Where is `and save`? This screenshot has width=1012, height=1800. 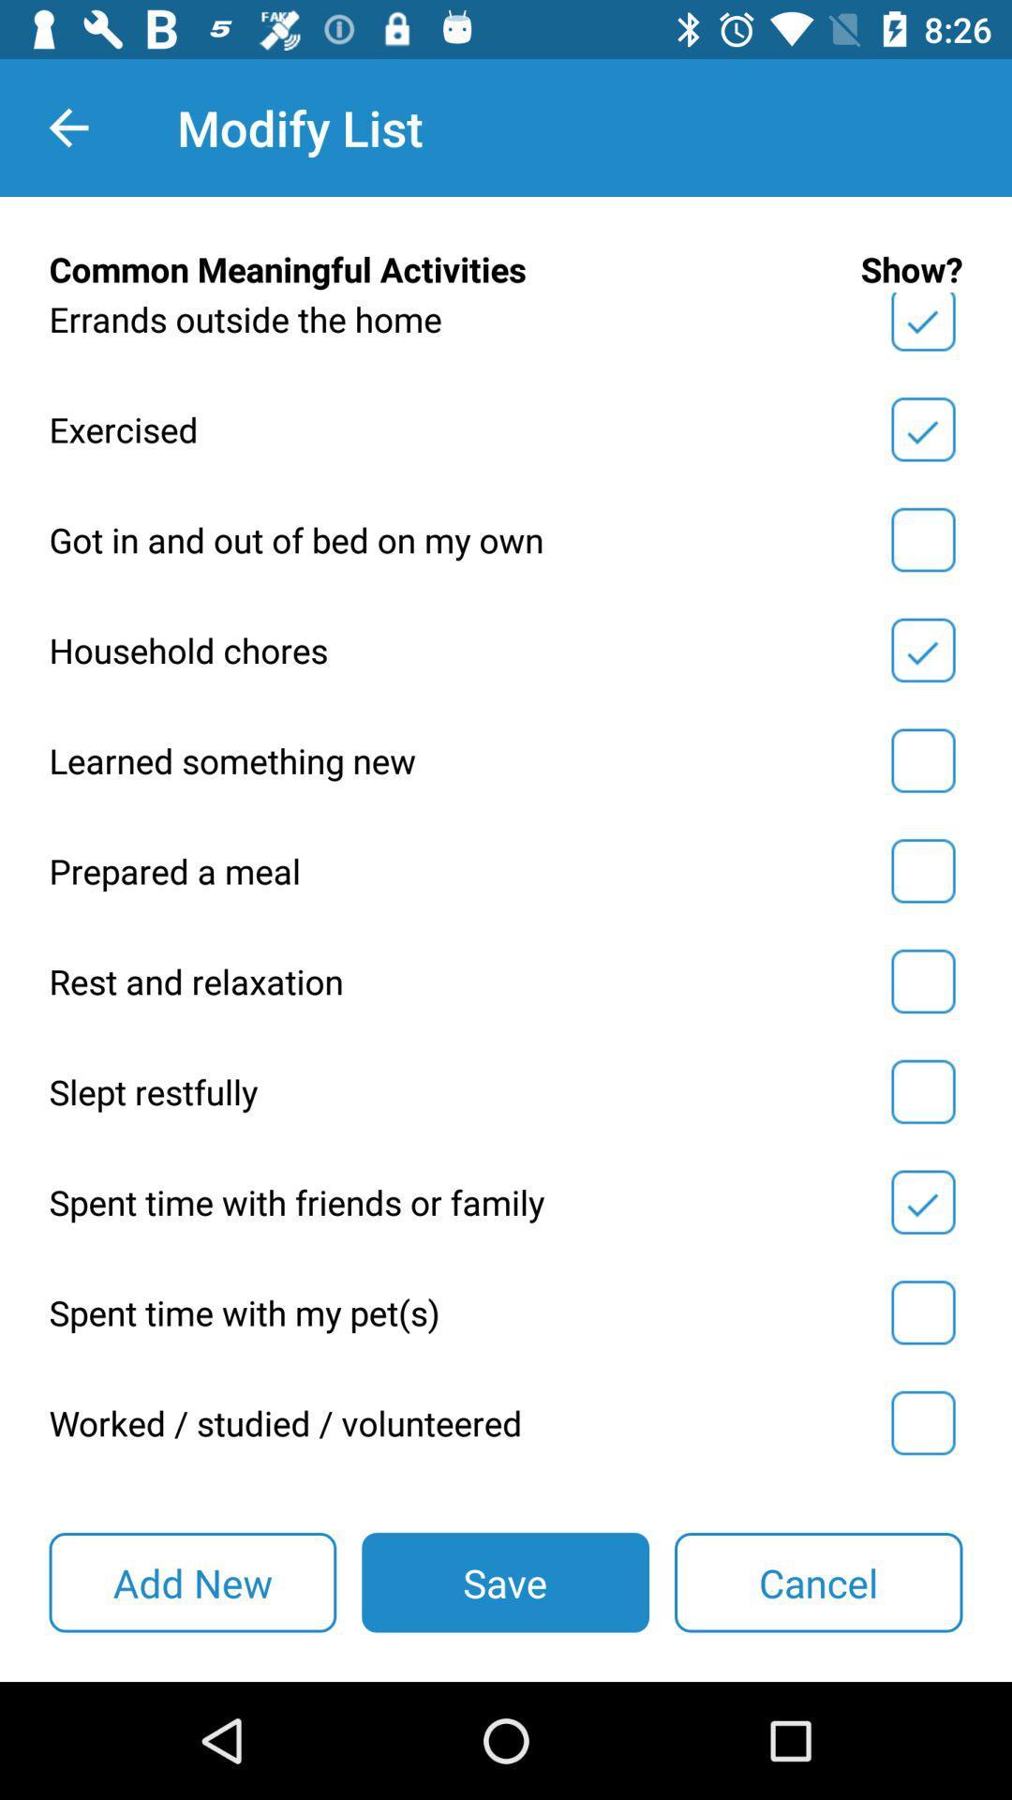
and save is located at coordinates (922, 650).